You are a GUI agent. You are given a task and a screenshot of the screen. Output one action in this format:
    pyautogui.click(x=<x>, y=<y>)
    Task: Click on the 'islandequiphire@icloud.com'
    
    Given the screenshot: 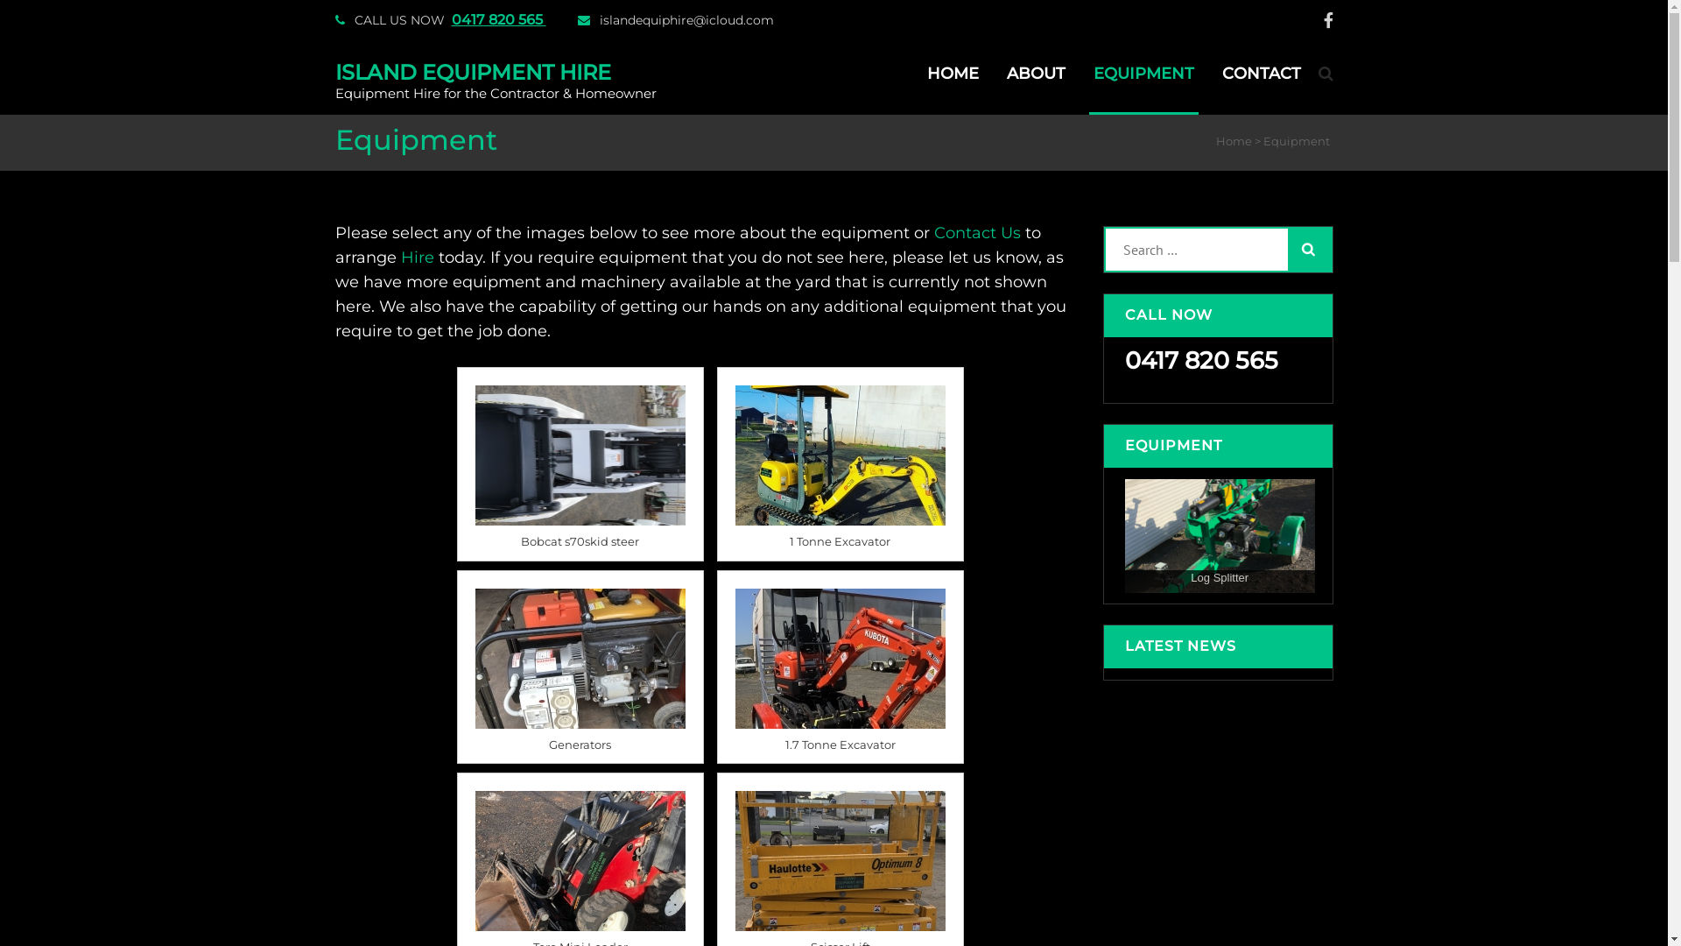 What is the action you would take?
    pyautogui.click(x=685, y=20)
    